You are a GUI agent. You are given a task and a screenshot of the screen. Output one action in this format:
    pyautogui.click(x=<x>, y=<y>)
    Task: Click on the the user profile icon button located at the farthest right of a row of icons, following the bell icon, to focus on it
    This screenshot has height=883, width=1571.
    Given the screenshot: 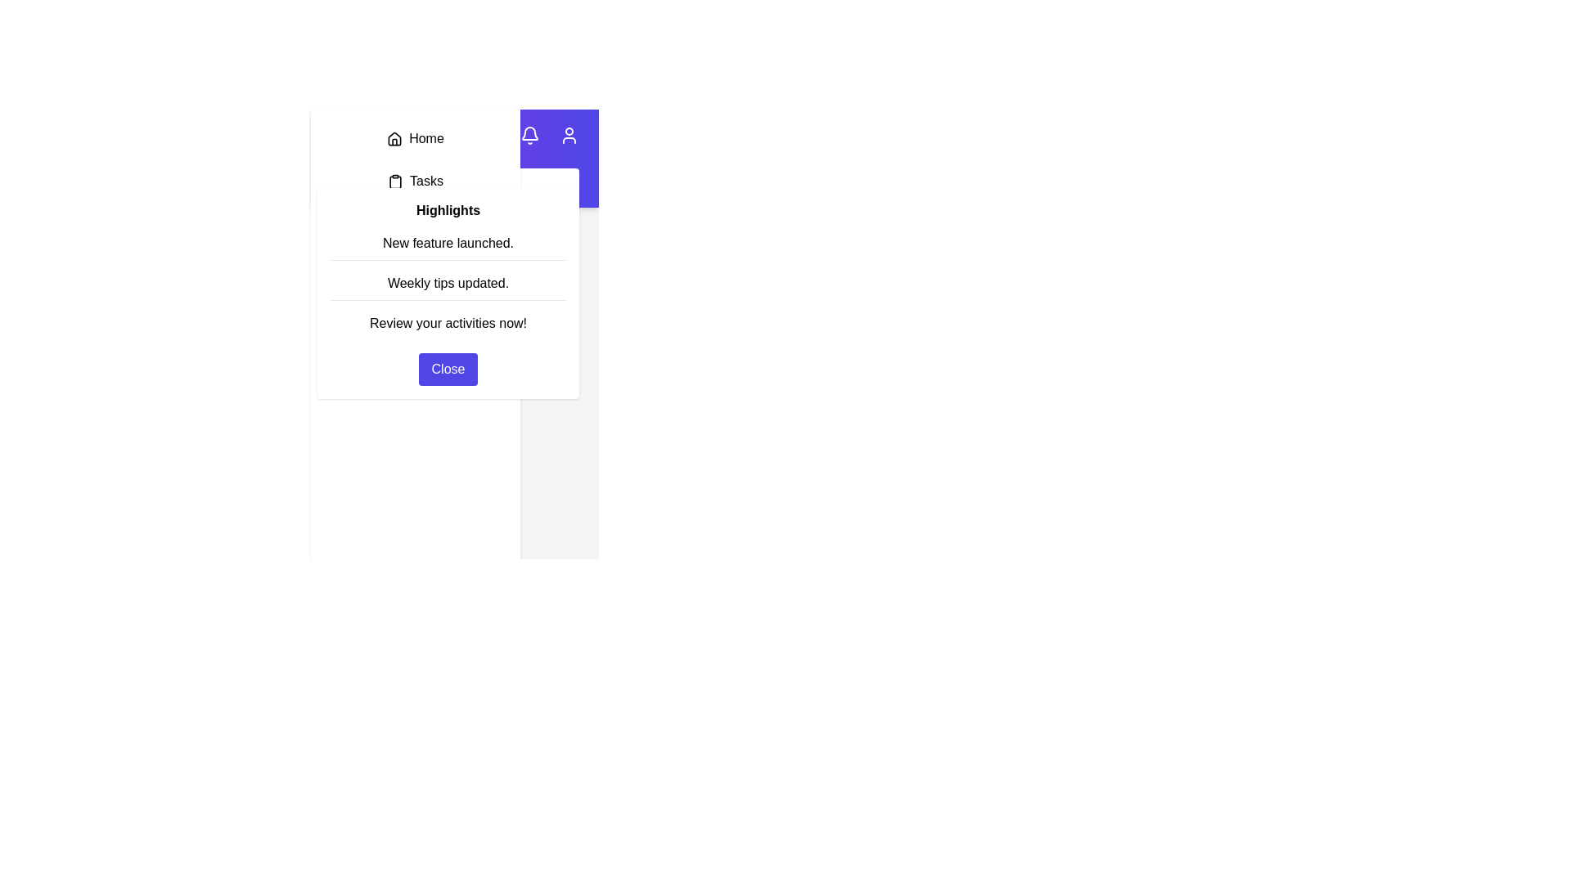 What is the action you would take?
    pyautogui.click(x=569, y=134)
    